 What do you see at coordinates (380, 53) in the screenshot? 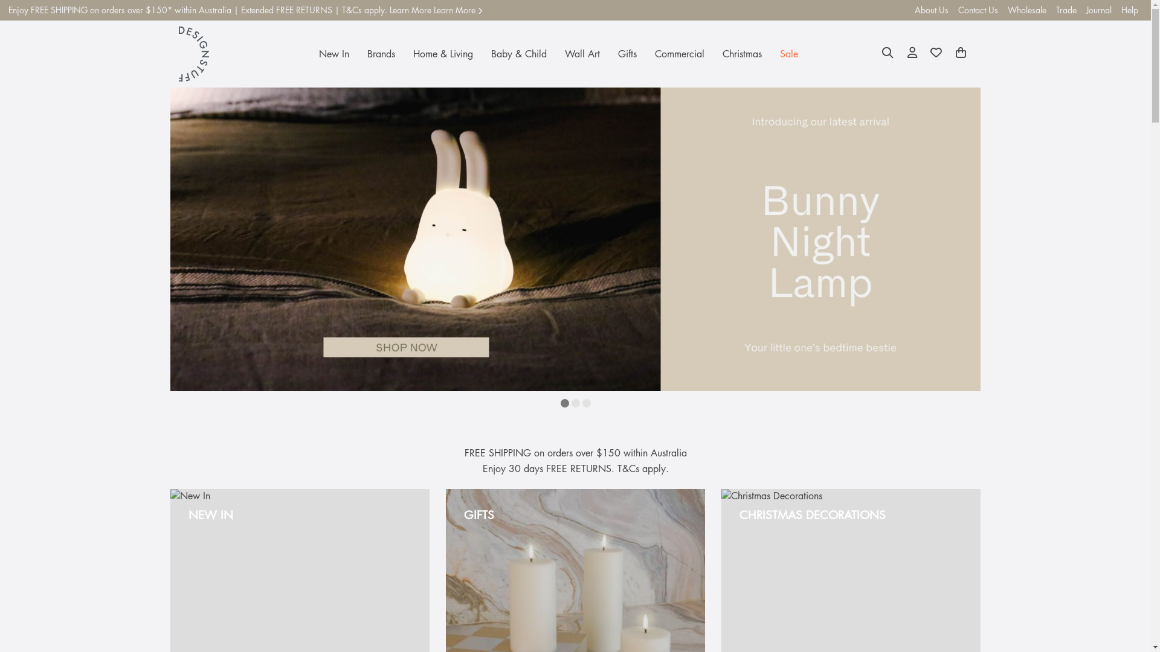
I see `'Brands'` at bounding box center [380, 53].